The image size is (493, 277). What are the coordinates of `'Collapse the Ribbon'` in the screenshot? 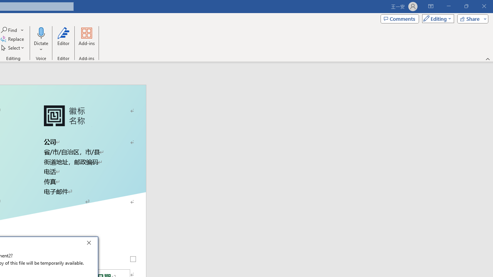 It's located at (488, 58).